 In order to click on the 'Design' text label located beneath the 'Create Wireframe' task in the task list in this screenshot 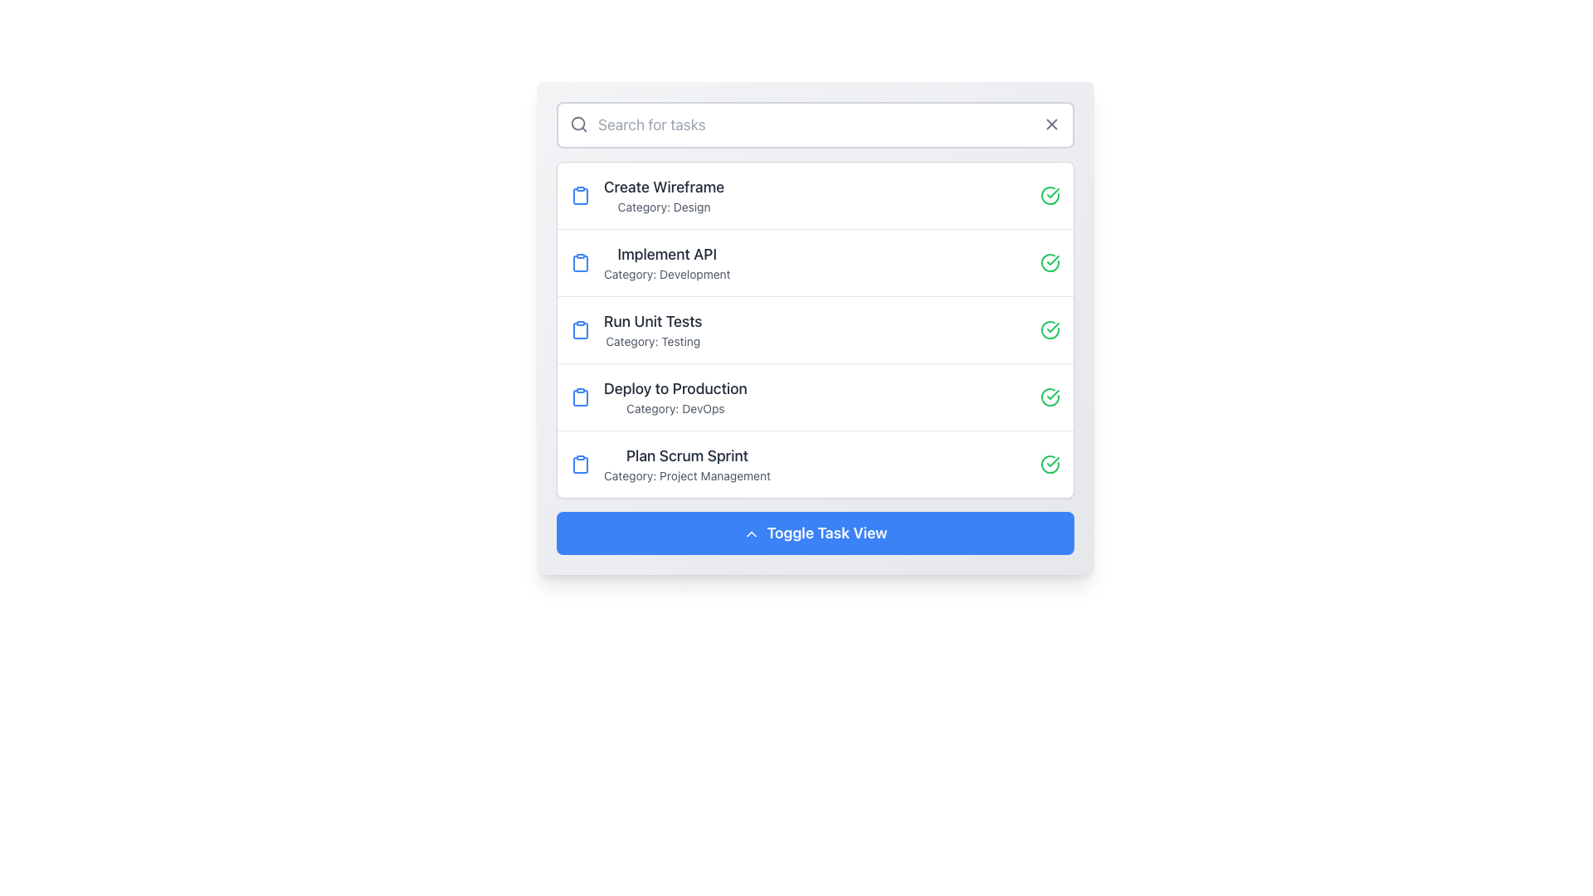, I will do `click(664, 207)`.